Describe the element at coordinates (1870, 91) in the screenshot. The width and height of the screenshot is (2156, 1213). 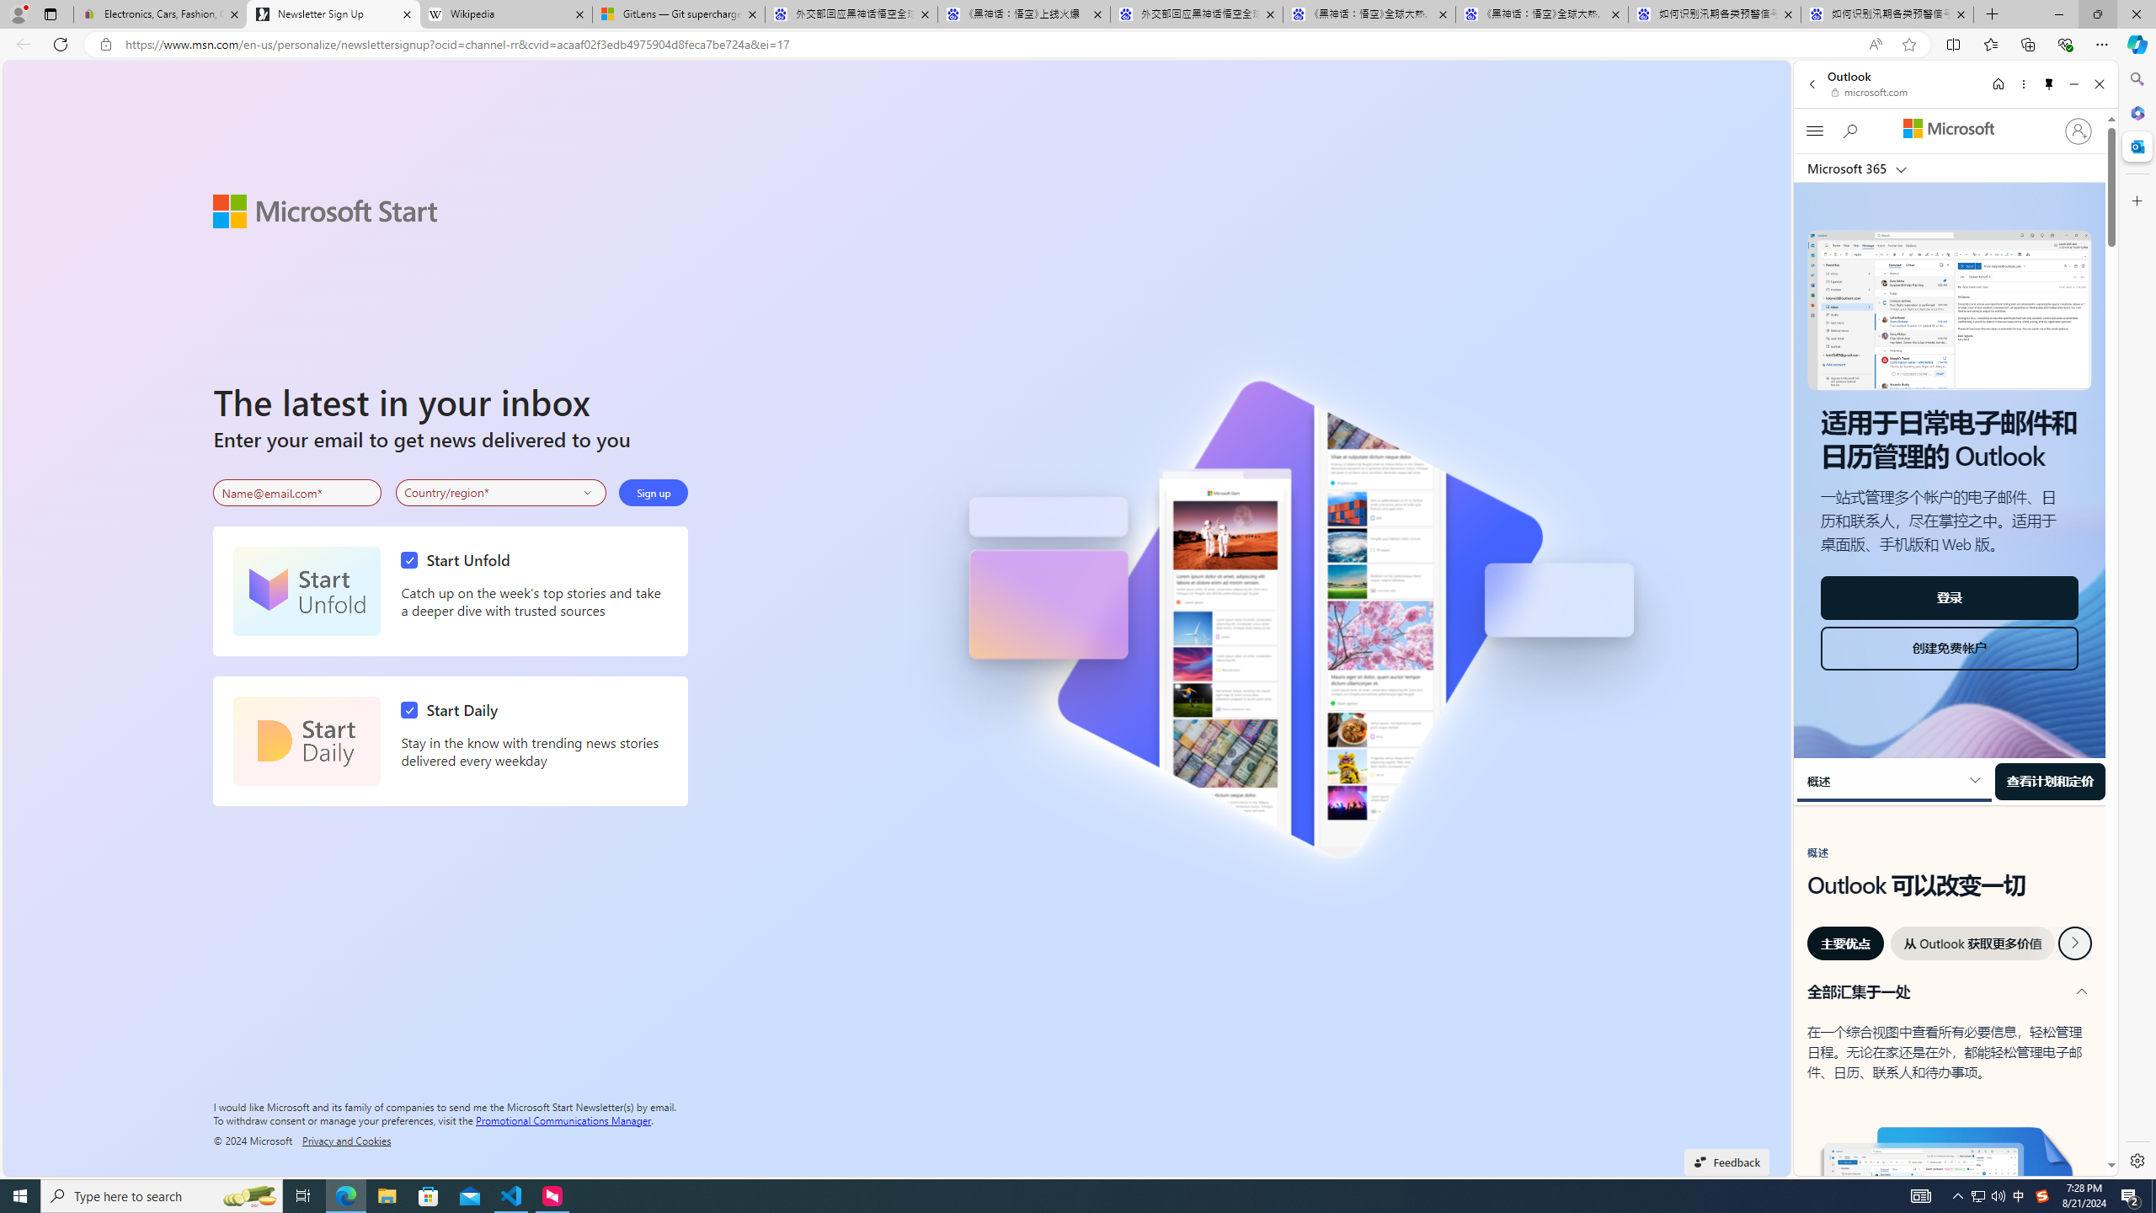
I see `'microsoft.com'` at that location.